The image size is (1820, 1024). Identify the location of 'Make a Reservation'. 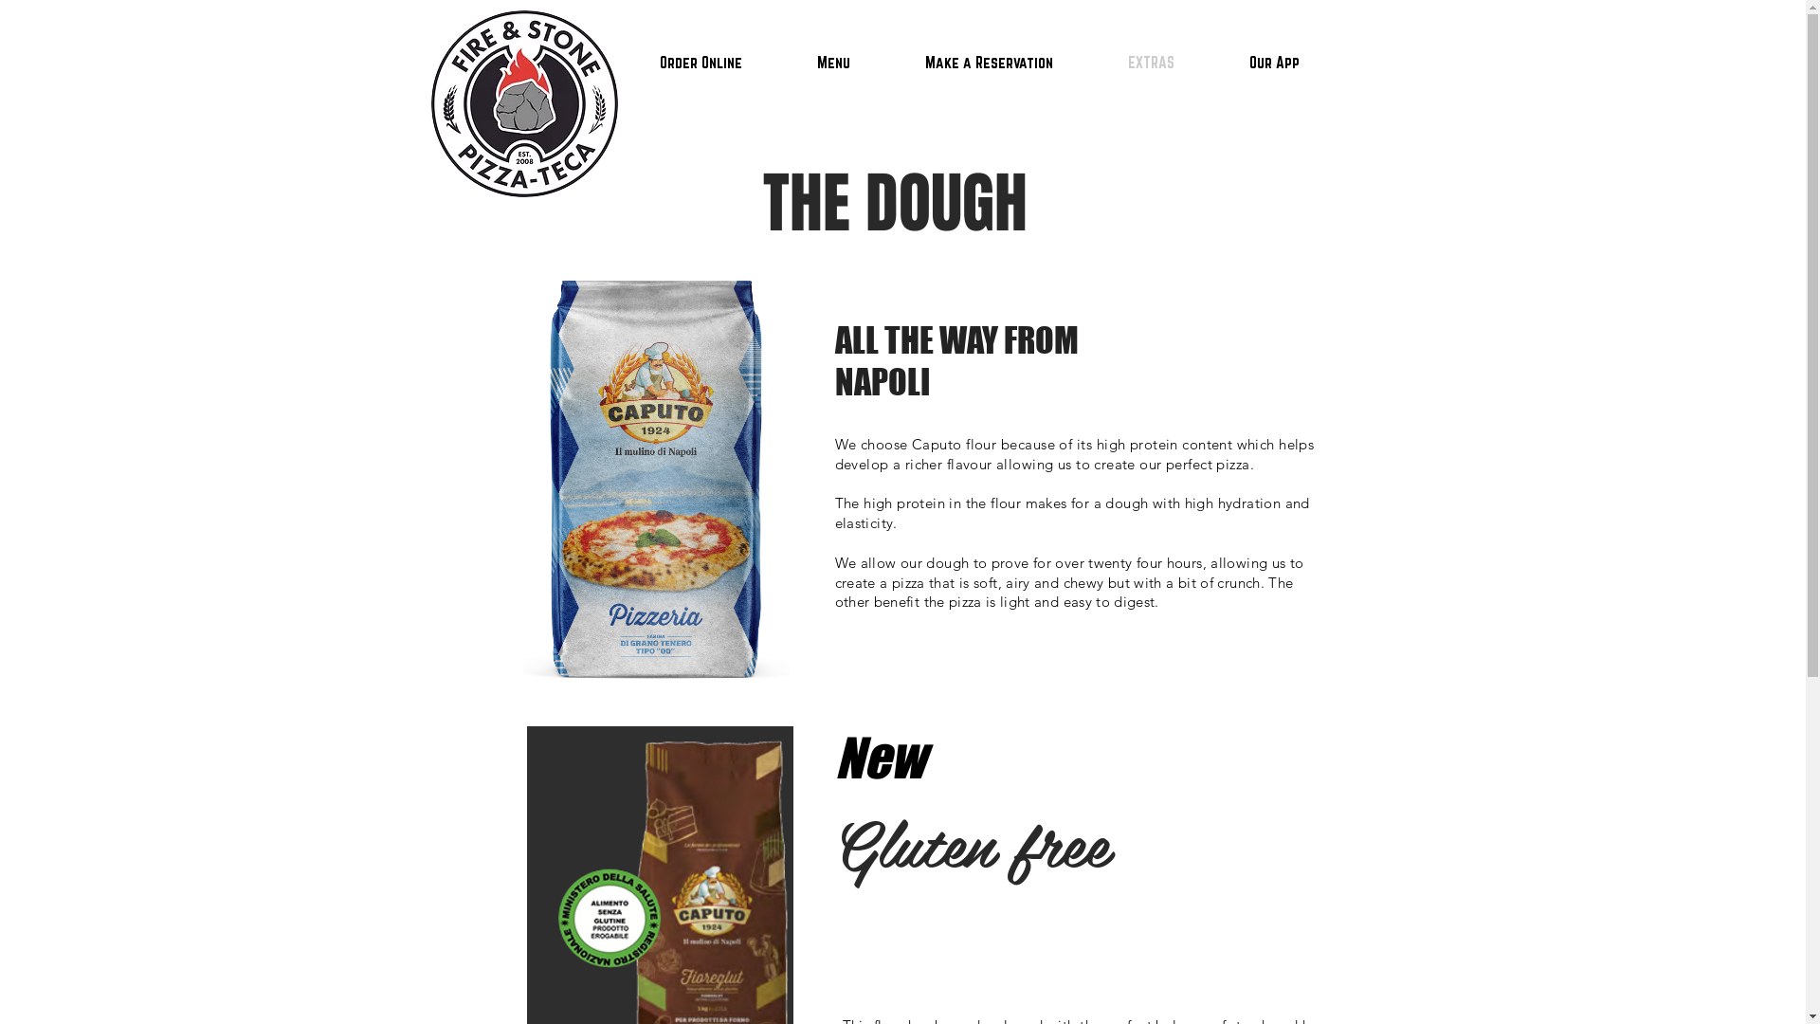
(987, 61).